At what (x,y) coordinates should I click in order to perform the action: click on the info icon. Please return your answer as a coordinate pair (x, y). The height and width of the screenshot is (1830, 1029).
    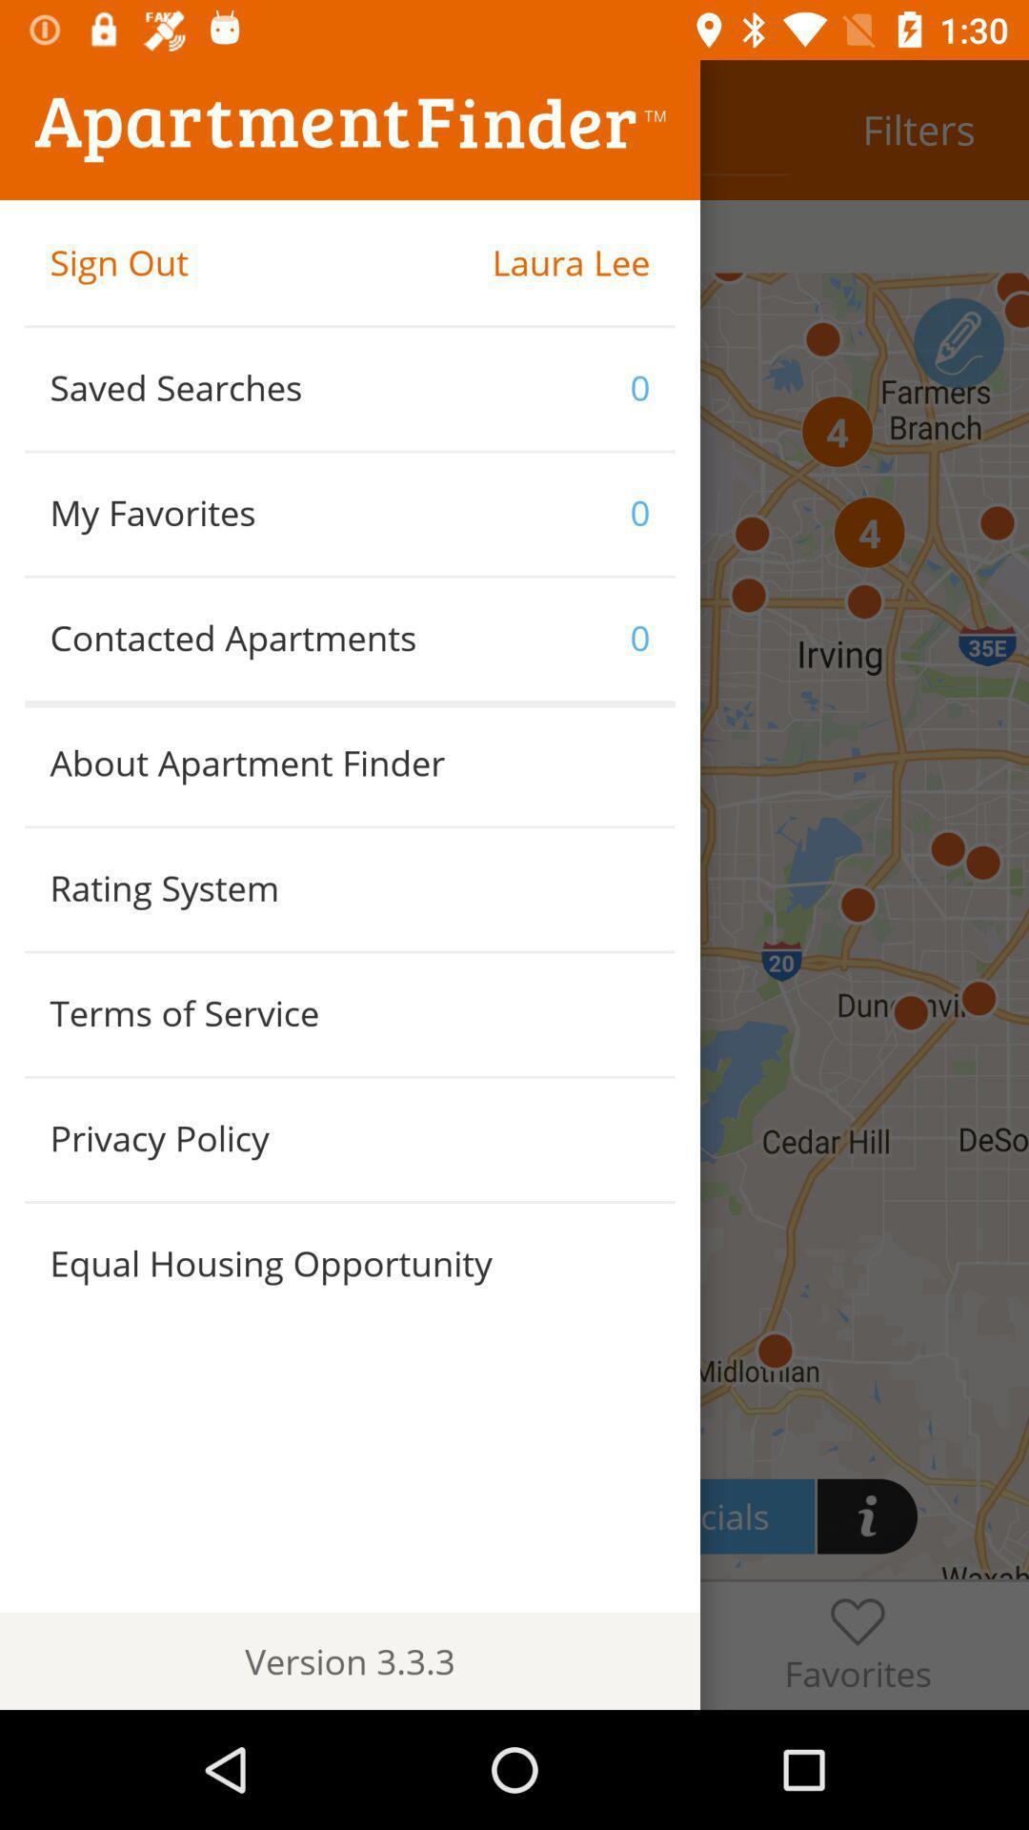
    Looking at the image, I should click on (867, 1515).